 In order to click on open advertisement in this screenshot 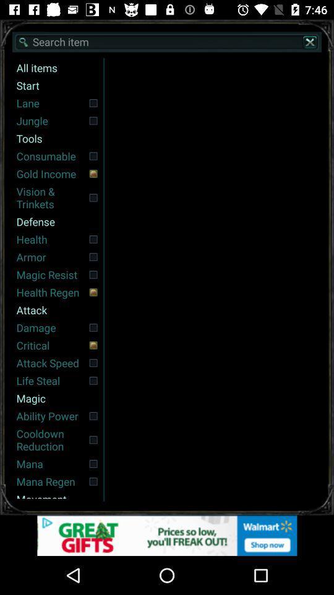, I will do `click(167, 535)`.